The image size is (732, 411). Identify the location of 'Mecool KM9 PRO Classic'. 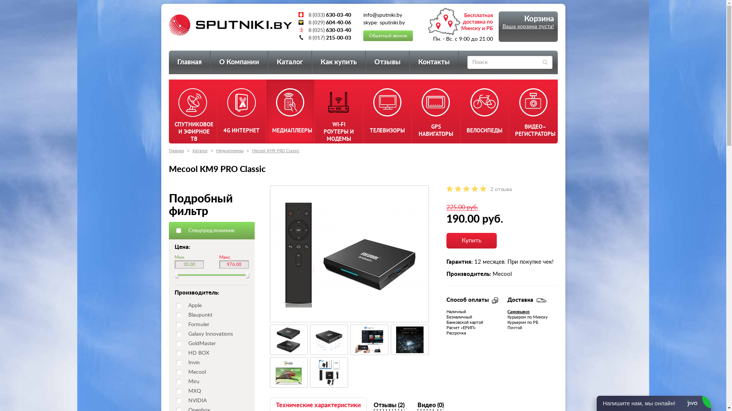
(289, 372).